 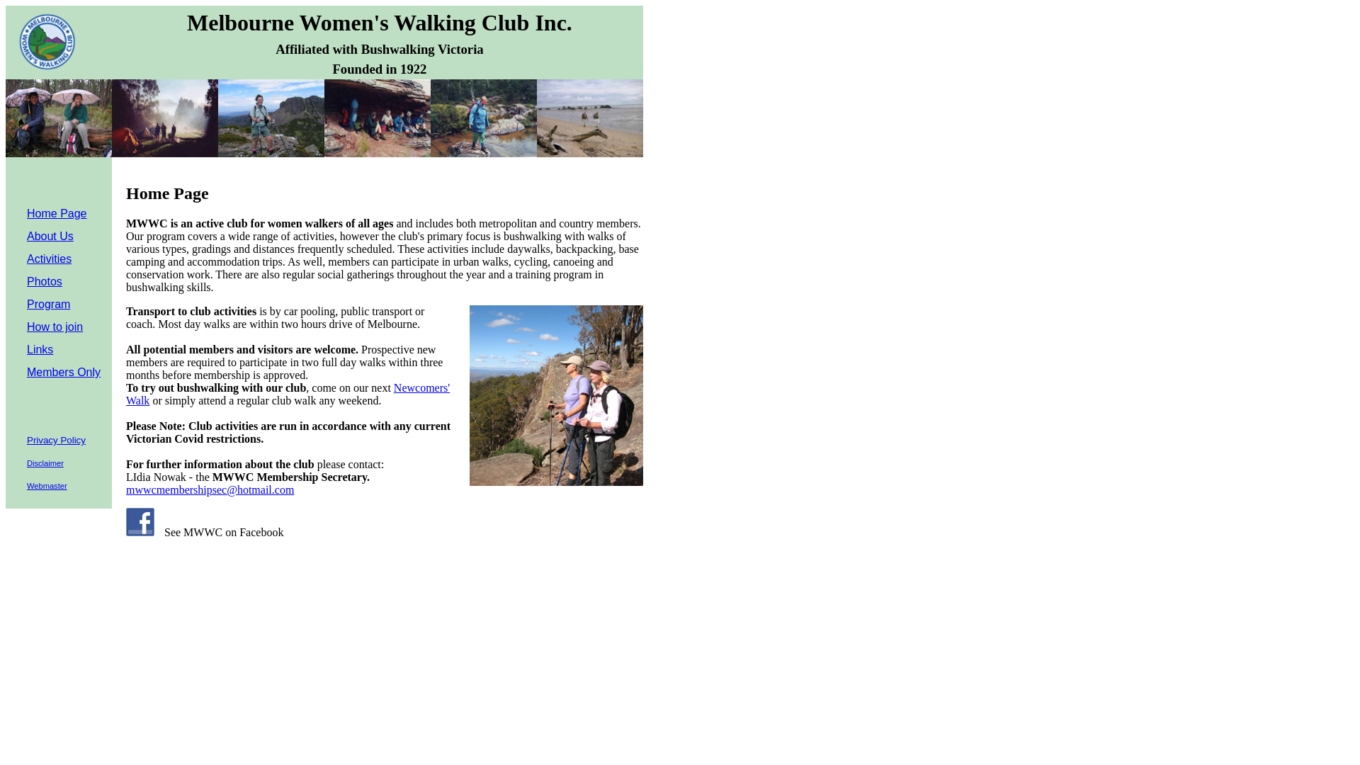 I want to click on 'Links', so click(x=40, y=349).